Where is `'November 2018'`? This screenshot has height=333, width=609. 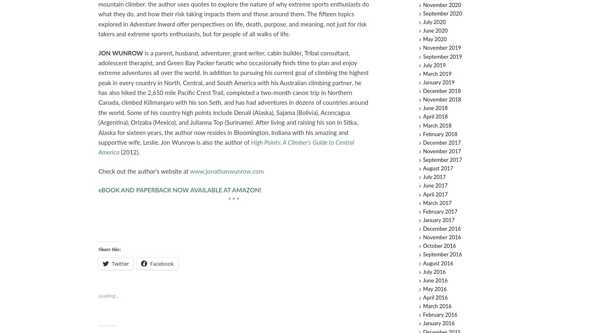 'November 2018' is located at coordinates (442, 99).